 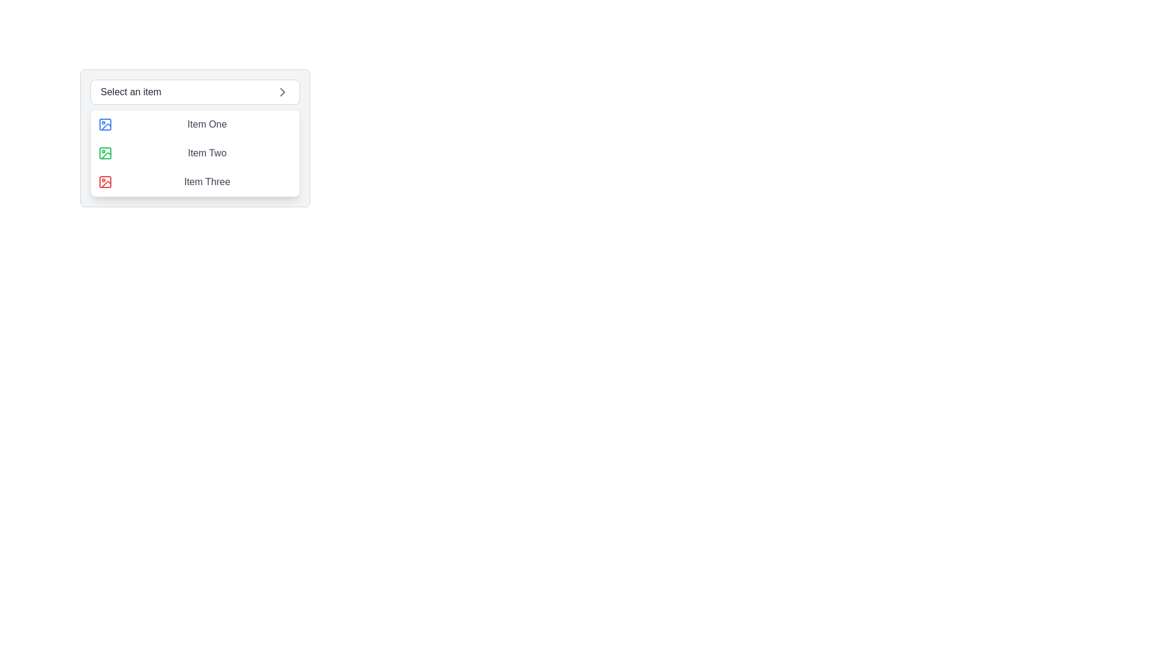 What do you see at coordinates (195, 125) in the screenshot?
I see `the first selectable option 'Item One' in the dropdown menu` at bounding box center [195, 125].